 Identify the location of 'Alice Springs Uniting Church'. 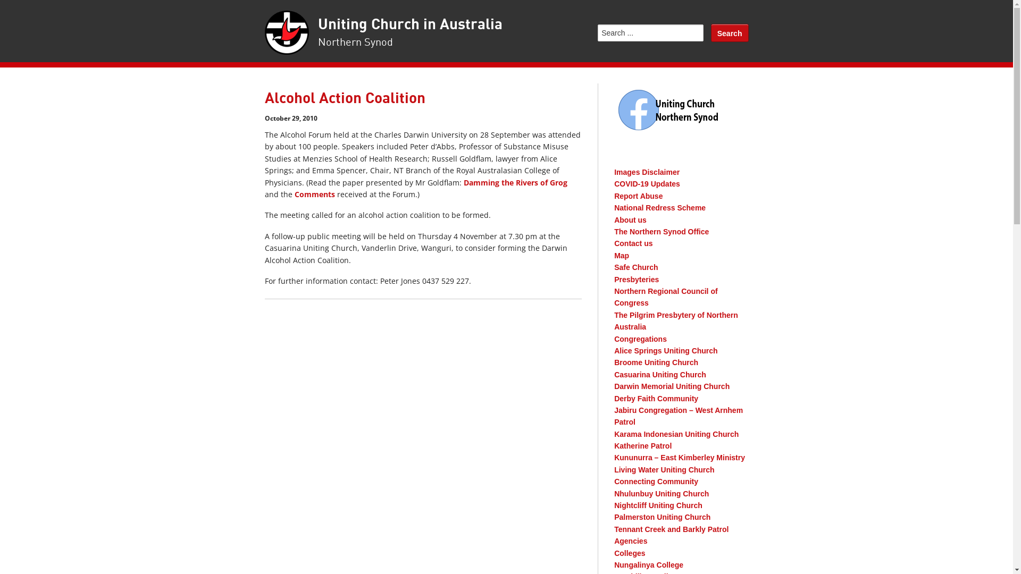
(665, 350).